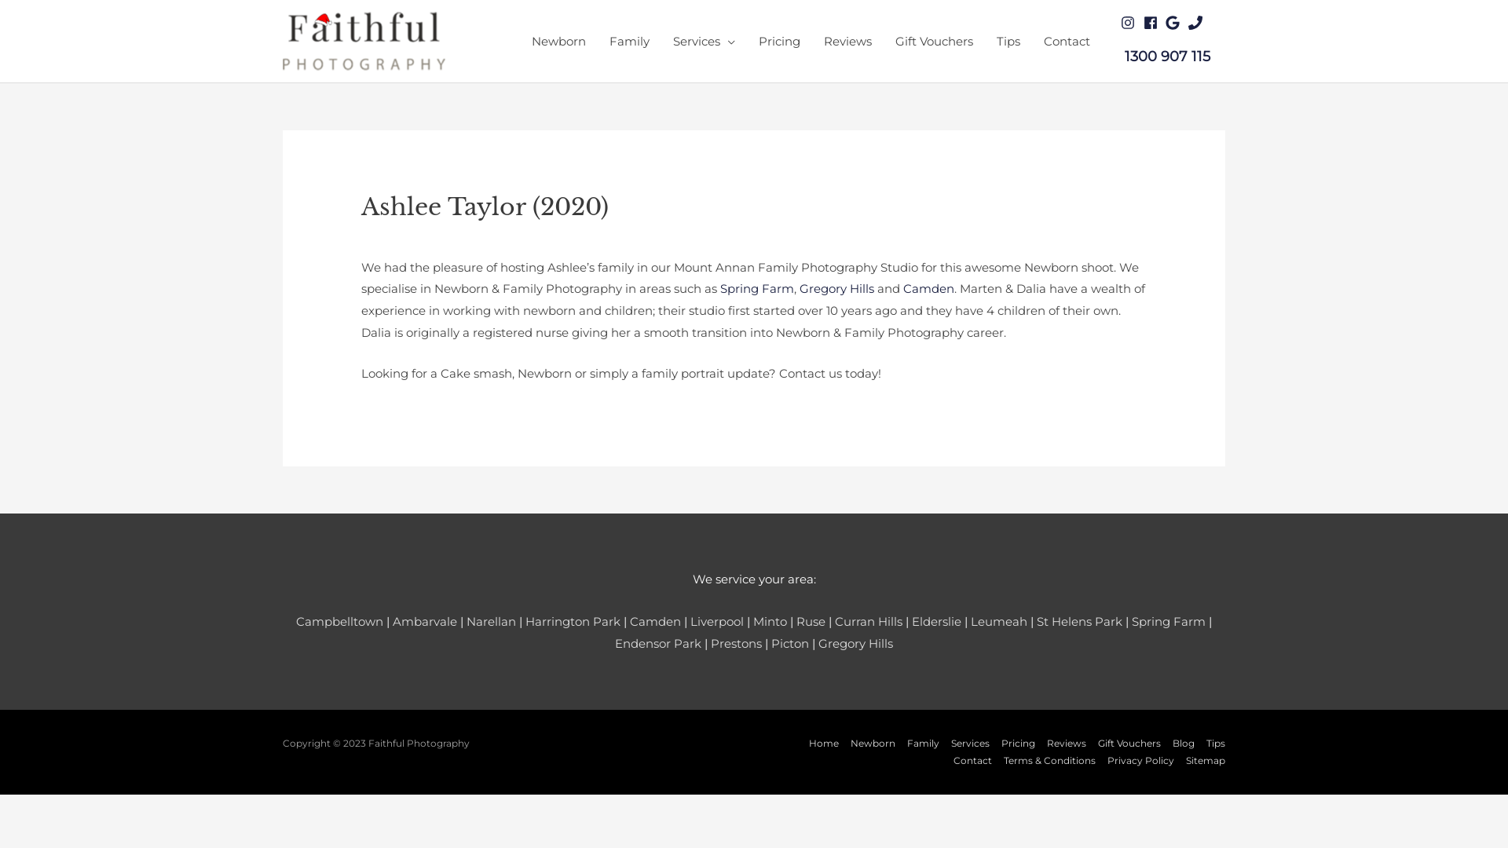  What do you see at coordinates (1210, 742) in the screenshot?
I see `'Tips'` at bounding box center [1210, 742].